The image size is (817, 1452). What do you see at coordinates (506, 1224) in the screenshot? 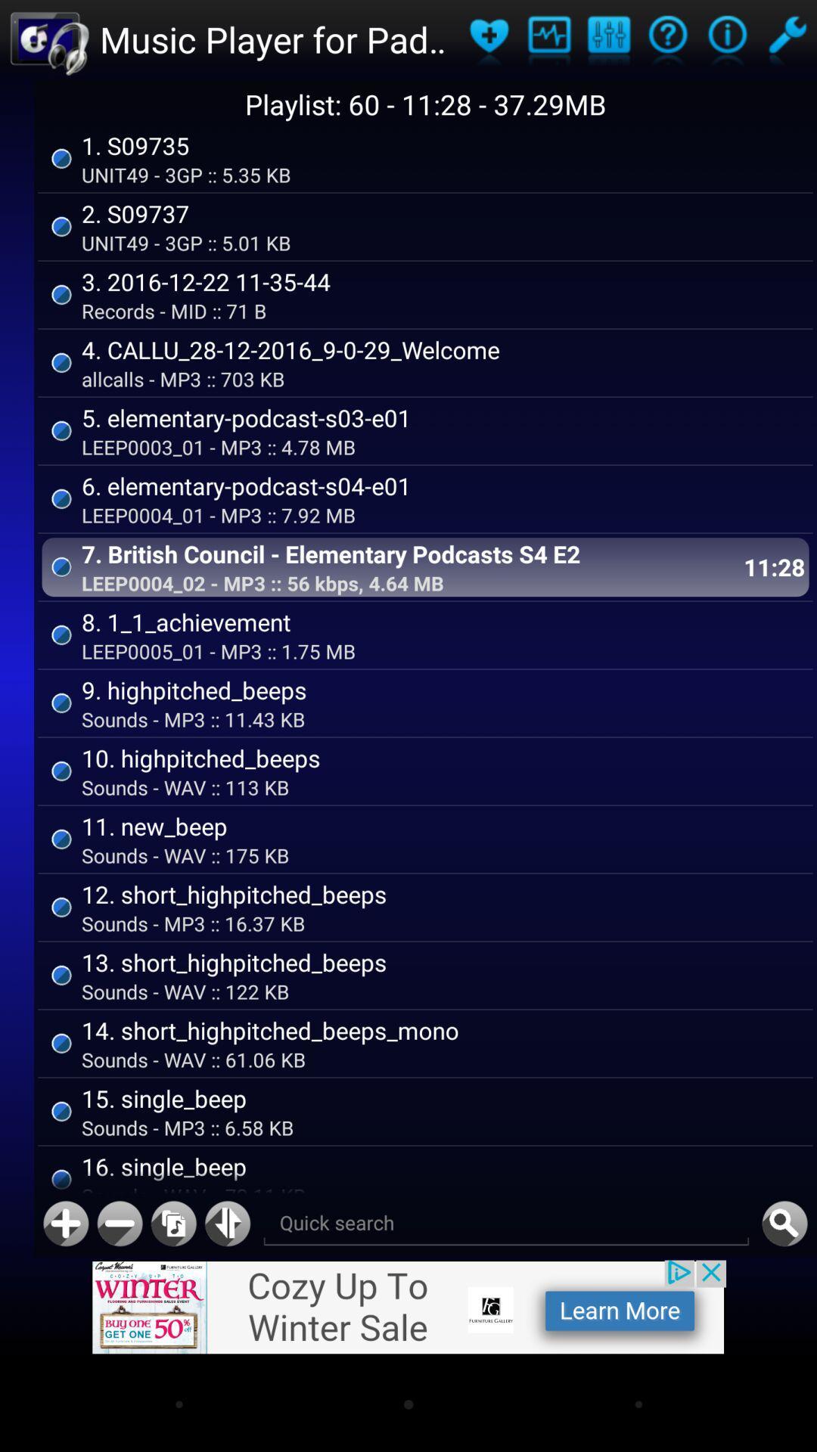
I see `search` at bounding box center [506, 1224].